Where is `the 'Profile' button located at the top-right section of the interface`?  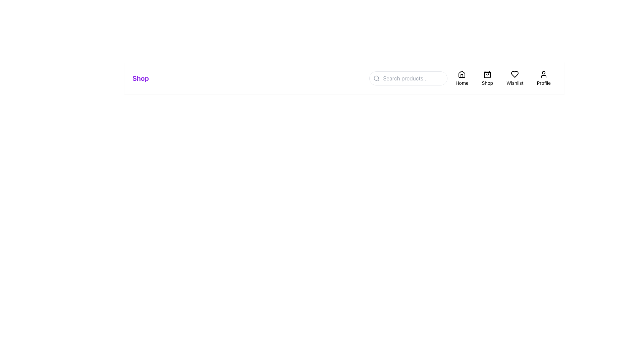
the 'Profile' button located at the top-right section of the interface is located at coordinates (544, 78).